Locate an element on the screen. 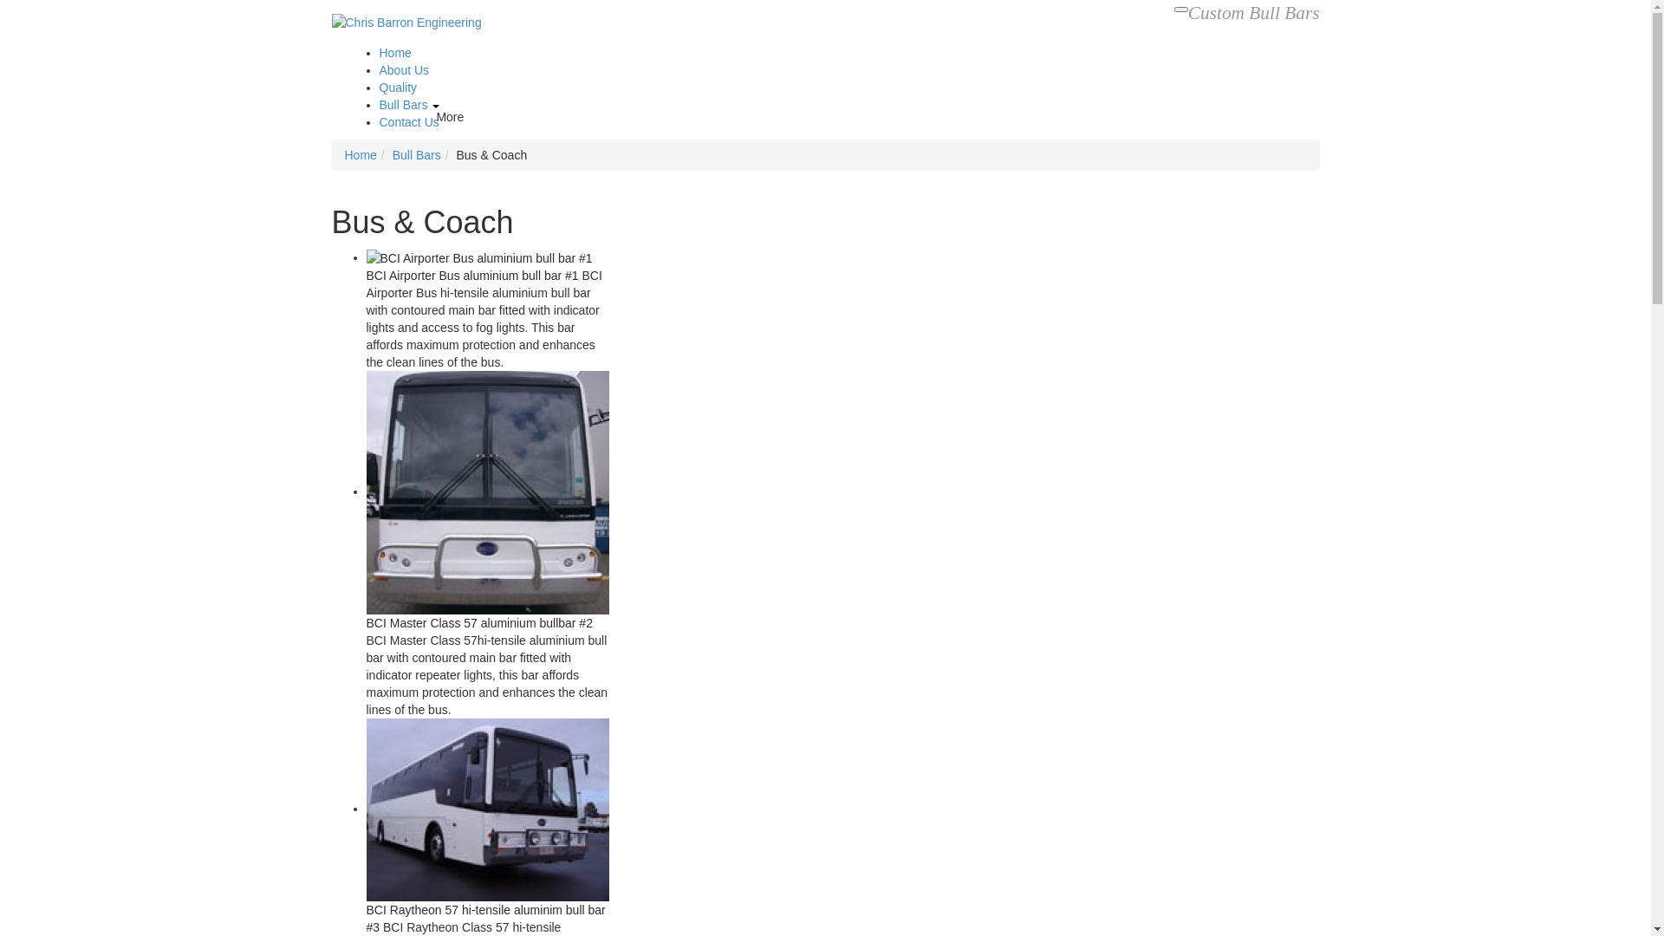 Image resolution: width=1664 pixels, height=936 pixels. 'Bull Bars' is located at coordinates (416, 153).